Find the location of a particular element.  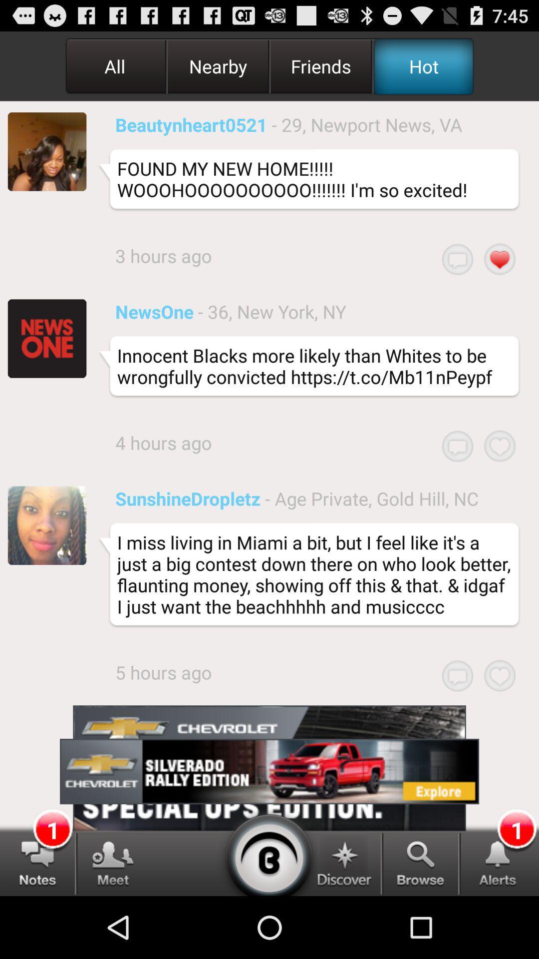

the search icon is located at coordinates (421, 923).